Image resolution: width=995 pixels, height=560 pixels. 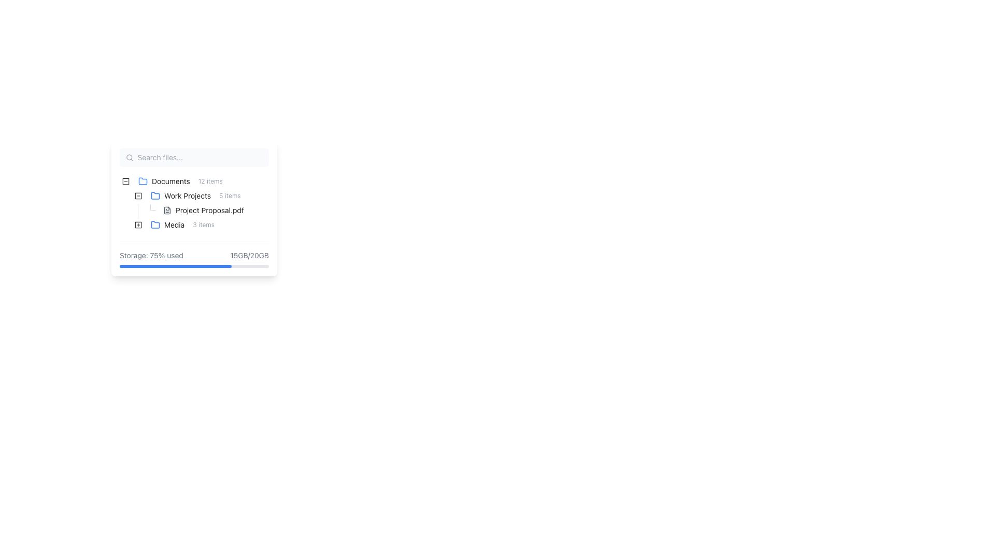 I want to click on the 'Media' folder icon in the file management interface, which visually represents a folder named 'Media' located beneath the 'Work Projects' folder and 'Project Proposal.pdf' file, so click(x=154, y=223).